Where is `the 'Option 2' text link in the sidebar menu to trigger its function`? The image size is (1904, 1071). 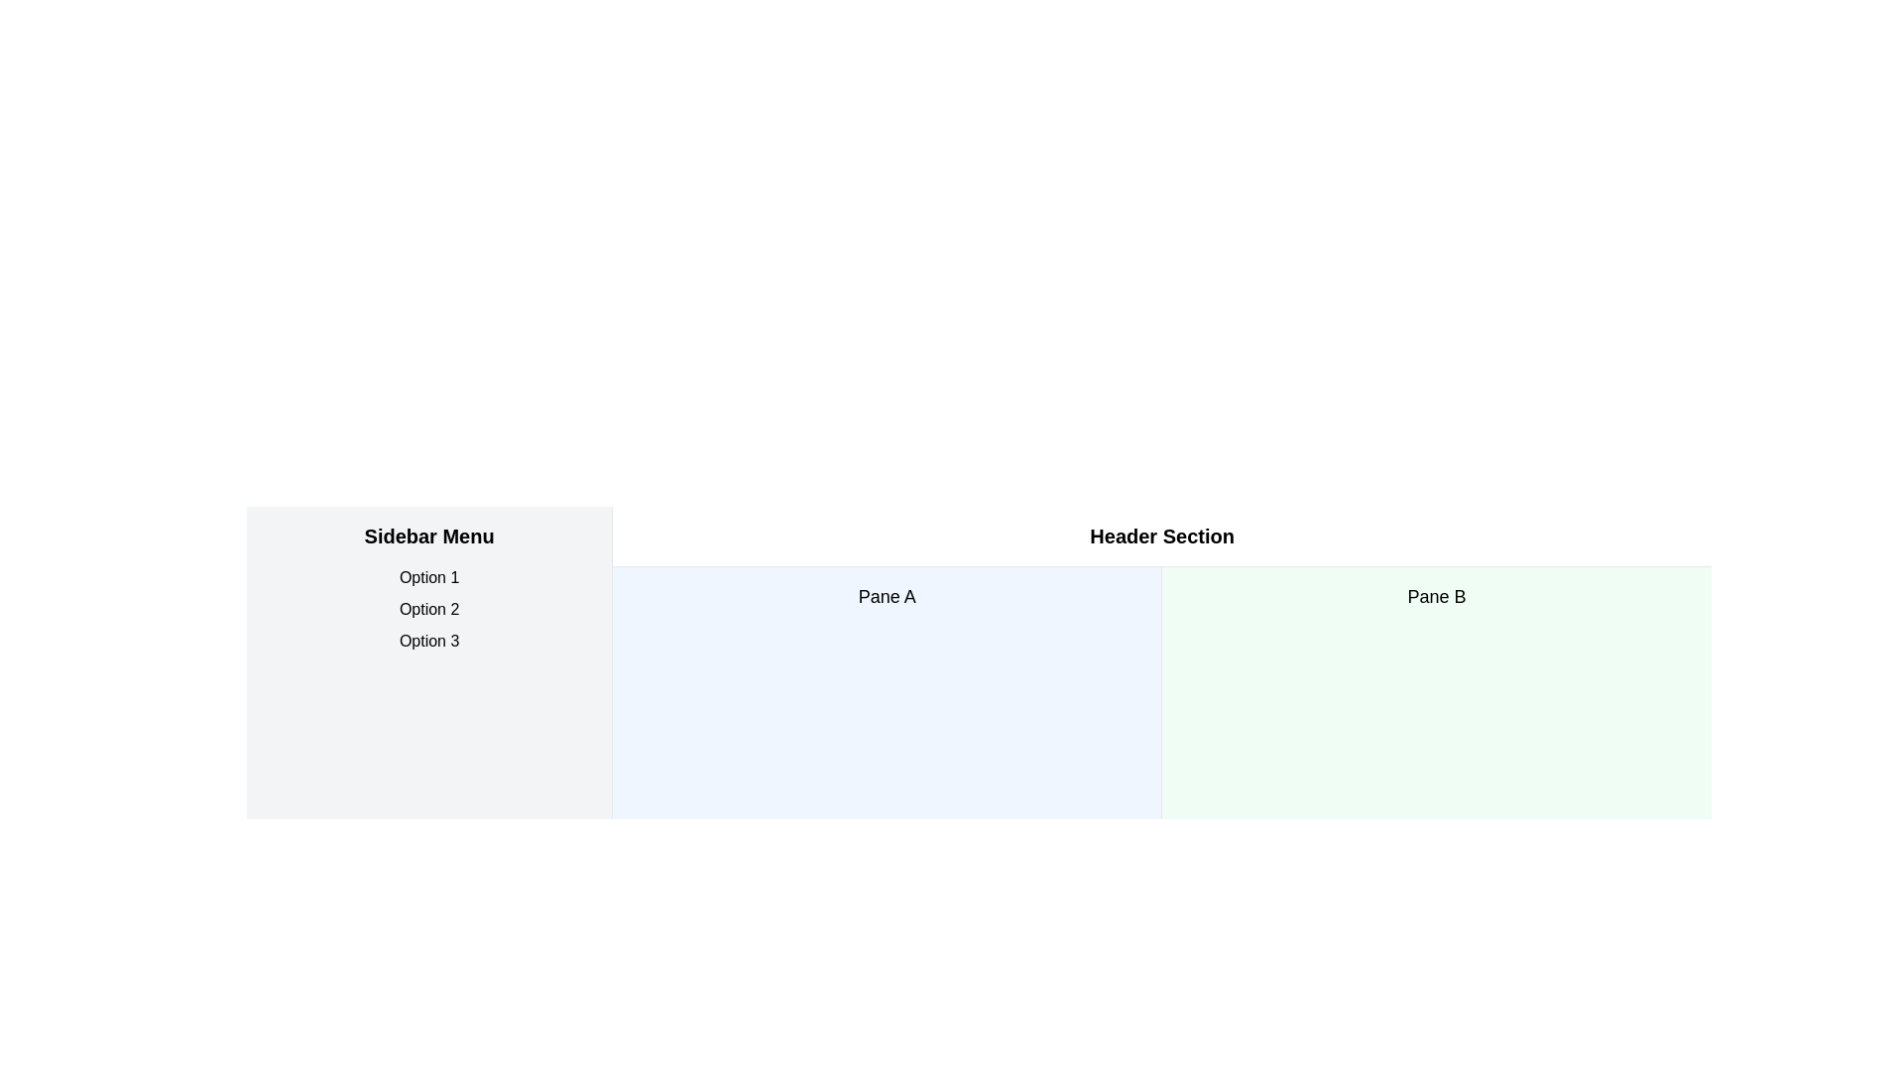
the 'Option 2' text link in the sidebar menu to trigger its function is located at coordinates (428, 608).